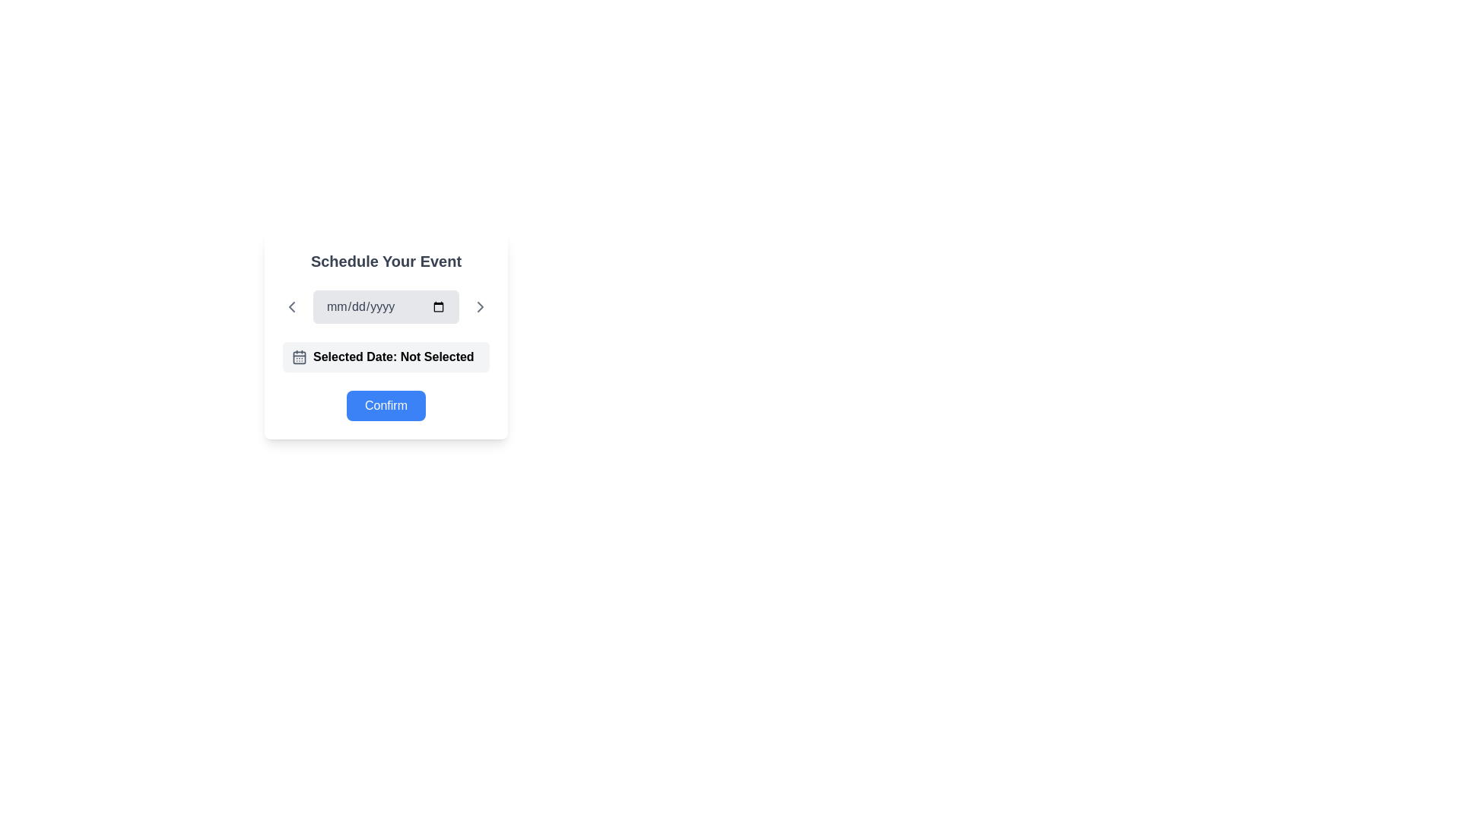  I want to click on the left-pointing gray arrow button, so click(292, 307).